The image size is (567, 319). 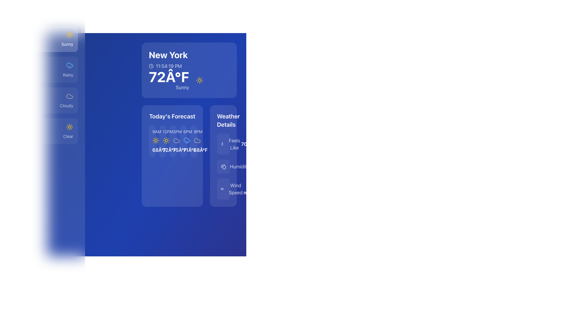 I want to click on the text label indicating the perceived temperature in the Weather Details section of the interface, so click(x=230, y=144).